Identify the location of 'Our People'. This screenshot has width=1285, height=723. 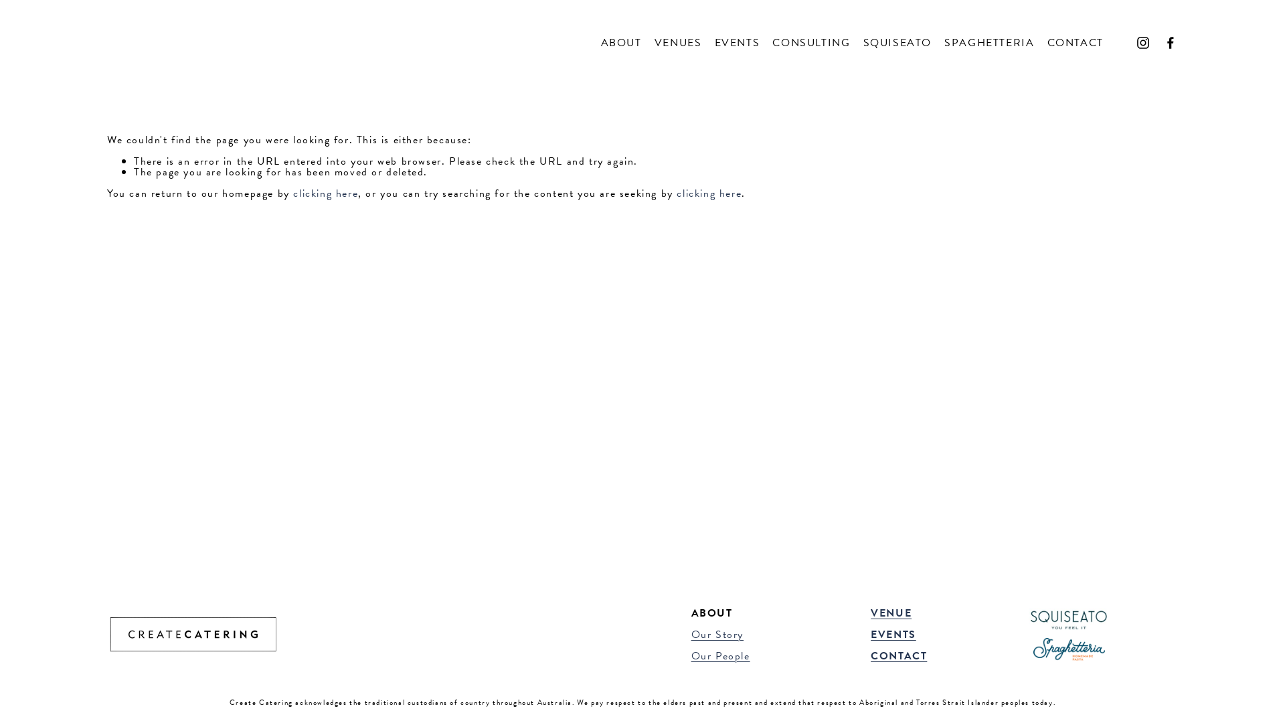
(719, 655).